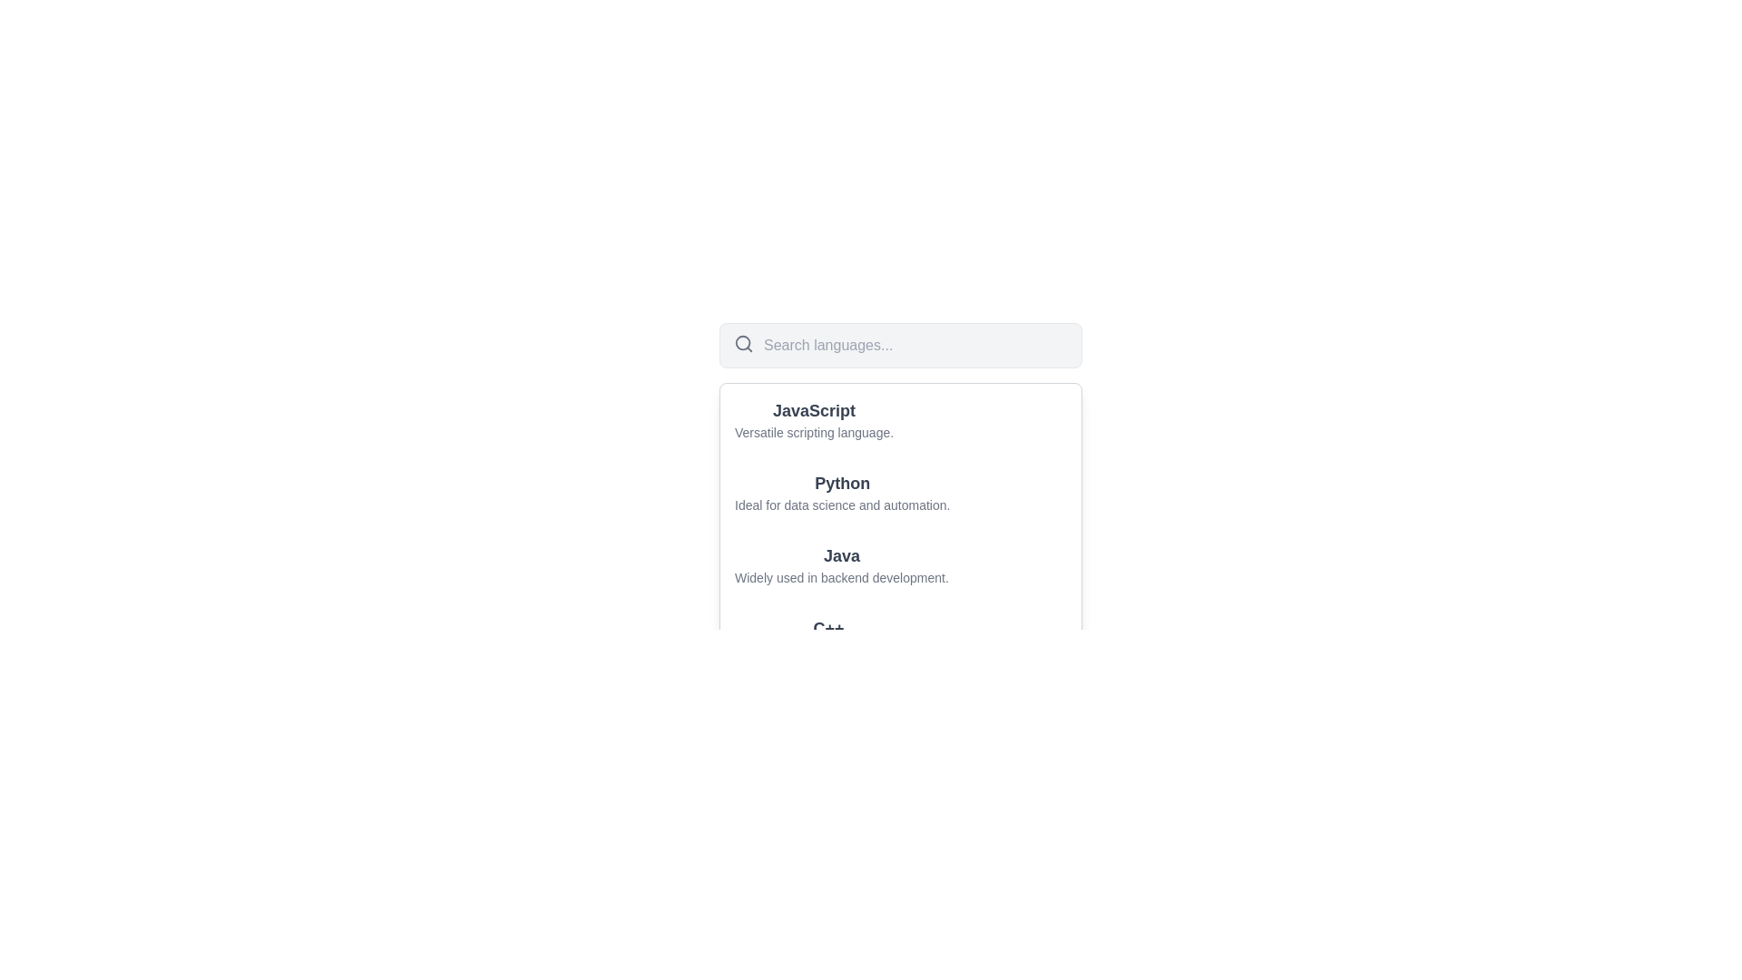 Image resolution: width=1742 pixels, height=980 pixels. What do you see at coordinates (841, 493) in the screenshot?
I see `the list item displaying 'Python' with the description 'Ideal for data science and automation.'` at bounding box center [841, 493].